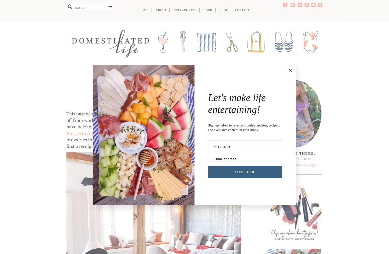  Describe the element at coordinates (153, 82) in the screenshot. I see `'Travel'` at that location.